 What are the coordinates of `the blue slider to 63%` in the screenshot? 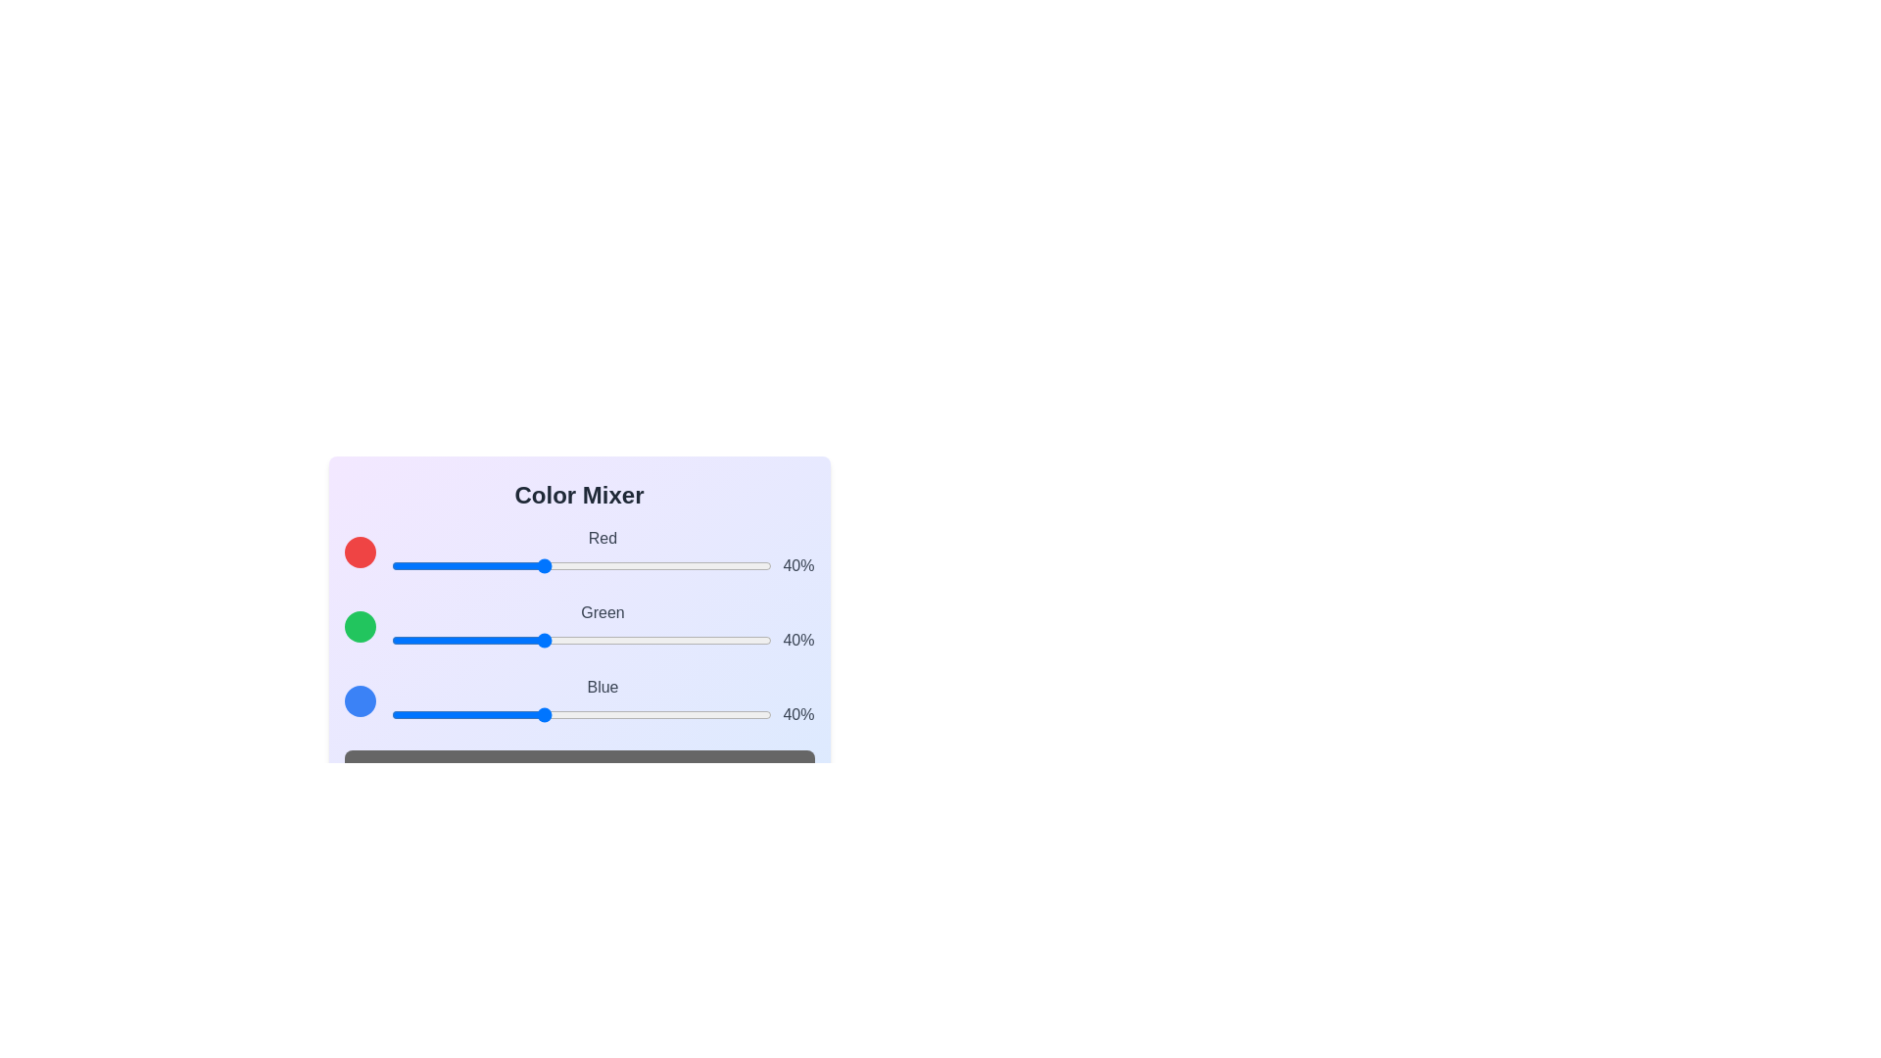 It's located at (630, 714).